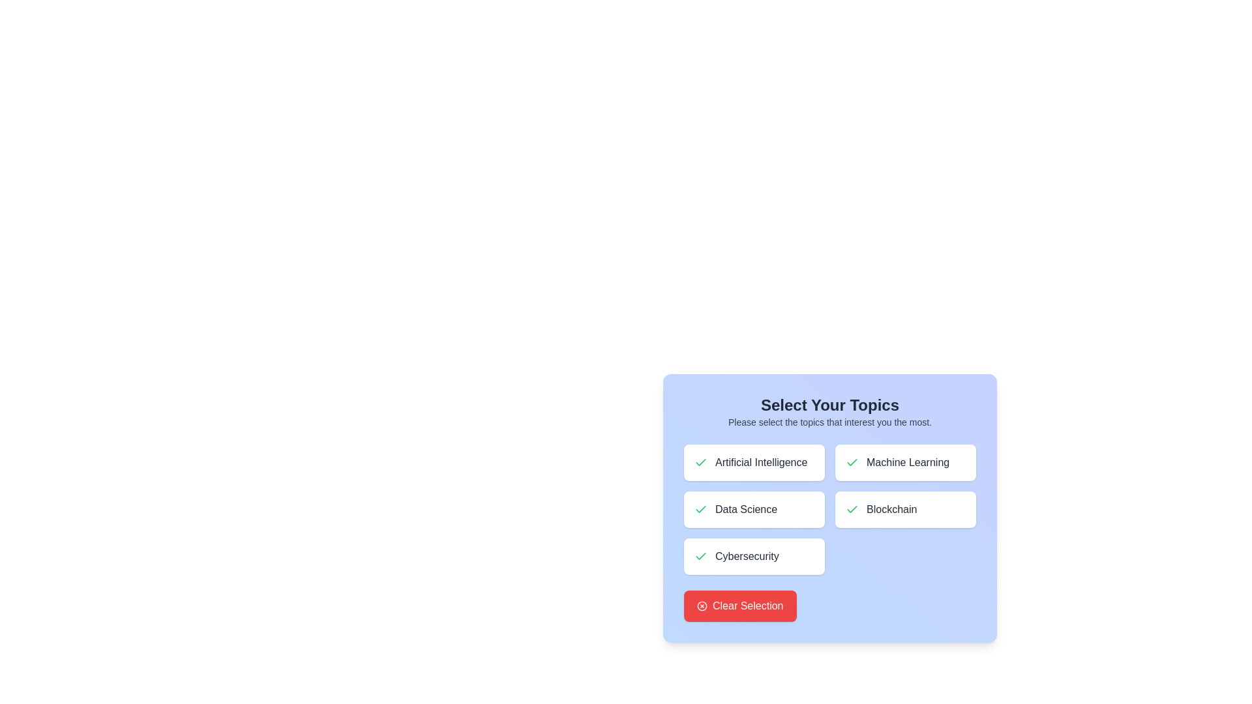 The image size is (1252, 704). Describe the element at coordinates (754, 462) in the screenshot. I see `the button corresponding to the topic Artificial Intelligence` at that location.